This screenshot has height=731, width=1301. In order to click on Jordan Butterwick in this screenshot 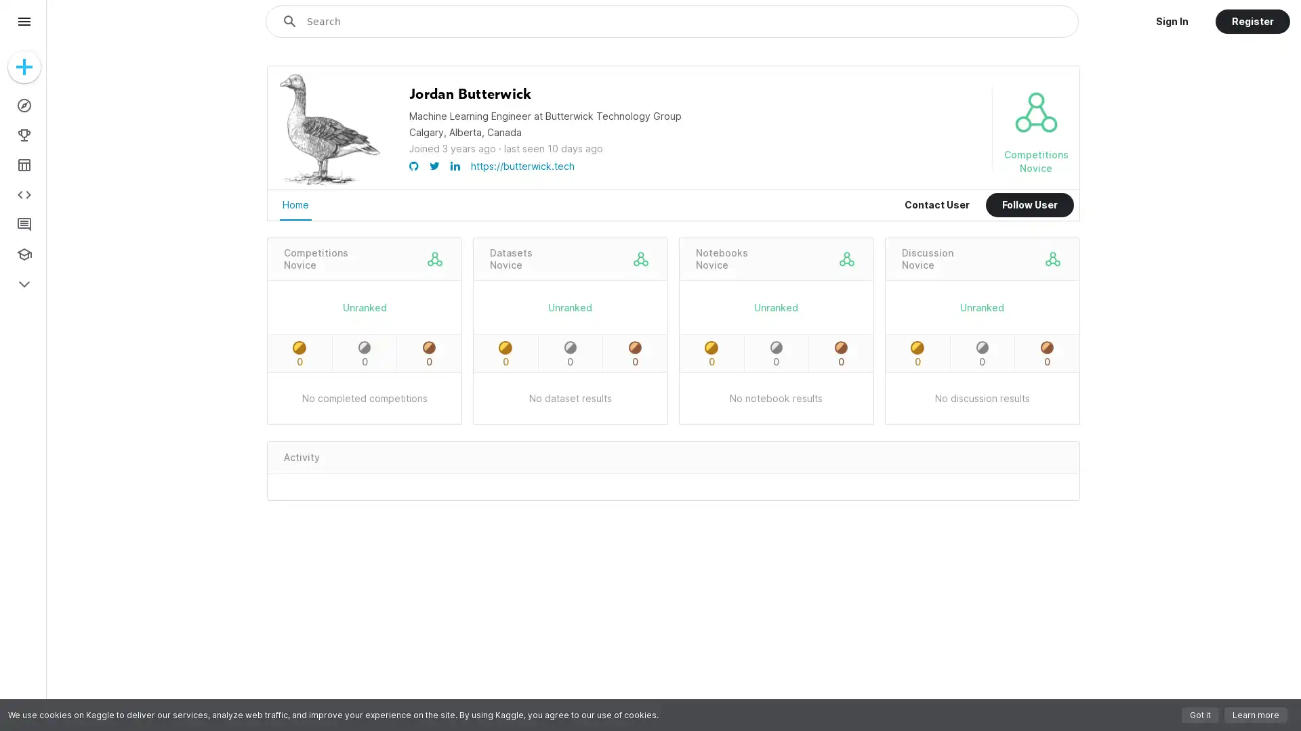, I will do `click(470, 93)`.